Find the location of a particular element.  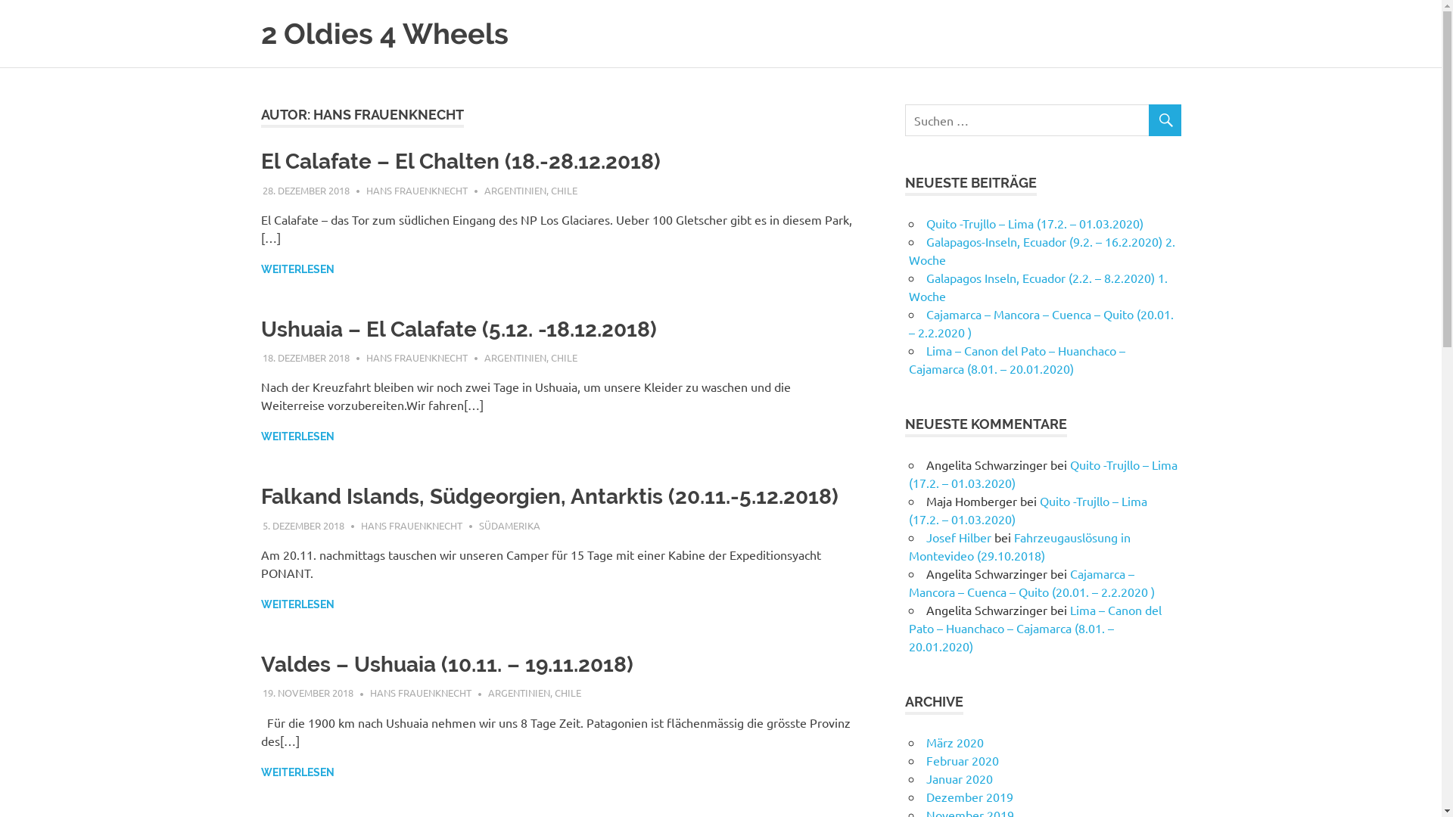

'Januar 2020' is located at coordinates (958, 778).